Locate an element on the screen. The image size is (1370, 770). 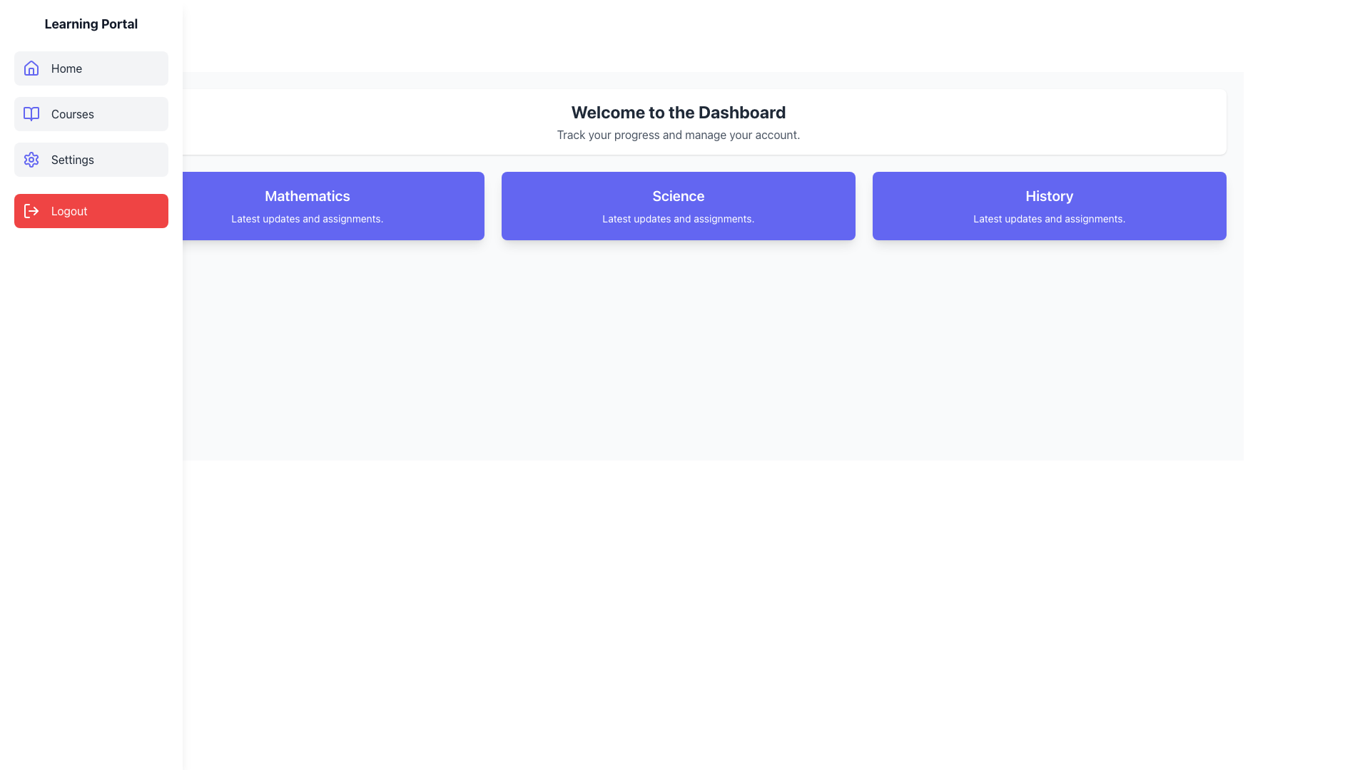
the SVG icon representing the logout functionality located to the left of the text 'Logout' in the vertical sidebar menu is located at coordinates (31, 211).